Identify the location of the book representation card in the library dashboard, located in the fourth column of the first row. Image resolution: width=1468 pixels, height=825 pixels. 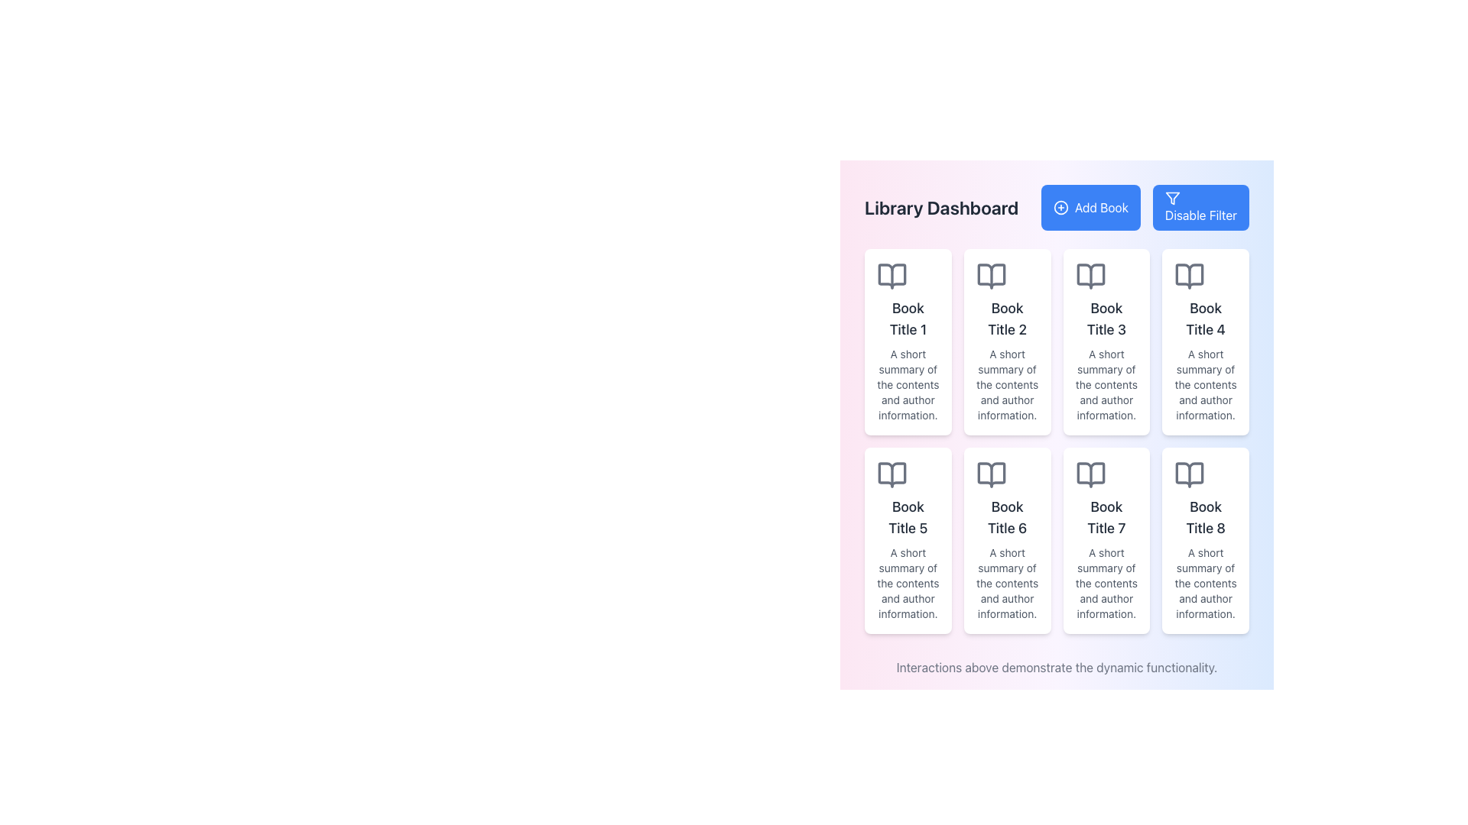
(1205, 341).